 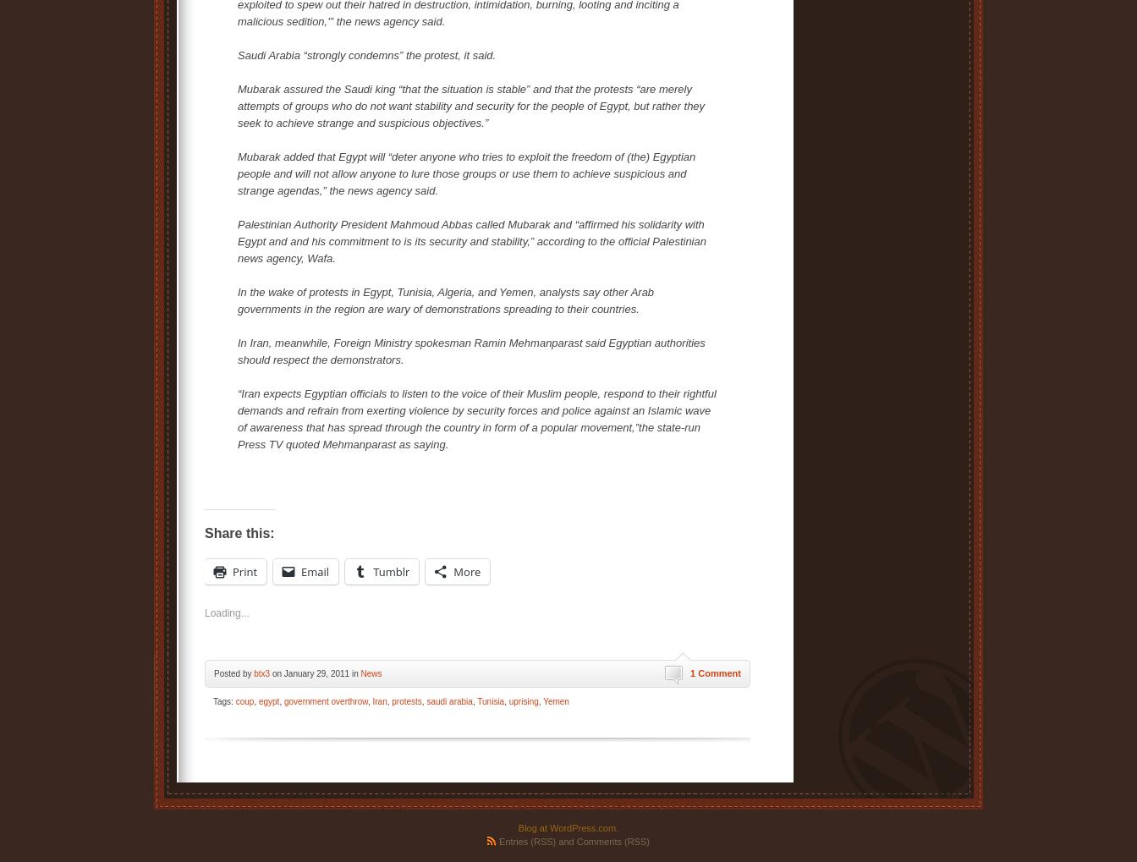 What do you see at coordinates (612, 841) in the screenshot?
I see `'Comments (RSS)'` at bounding box center [612, 841].